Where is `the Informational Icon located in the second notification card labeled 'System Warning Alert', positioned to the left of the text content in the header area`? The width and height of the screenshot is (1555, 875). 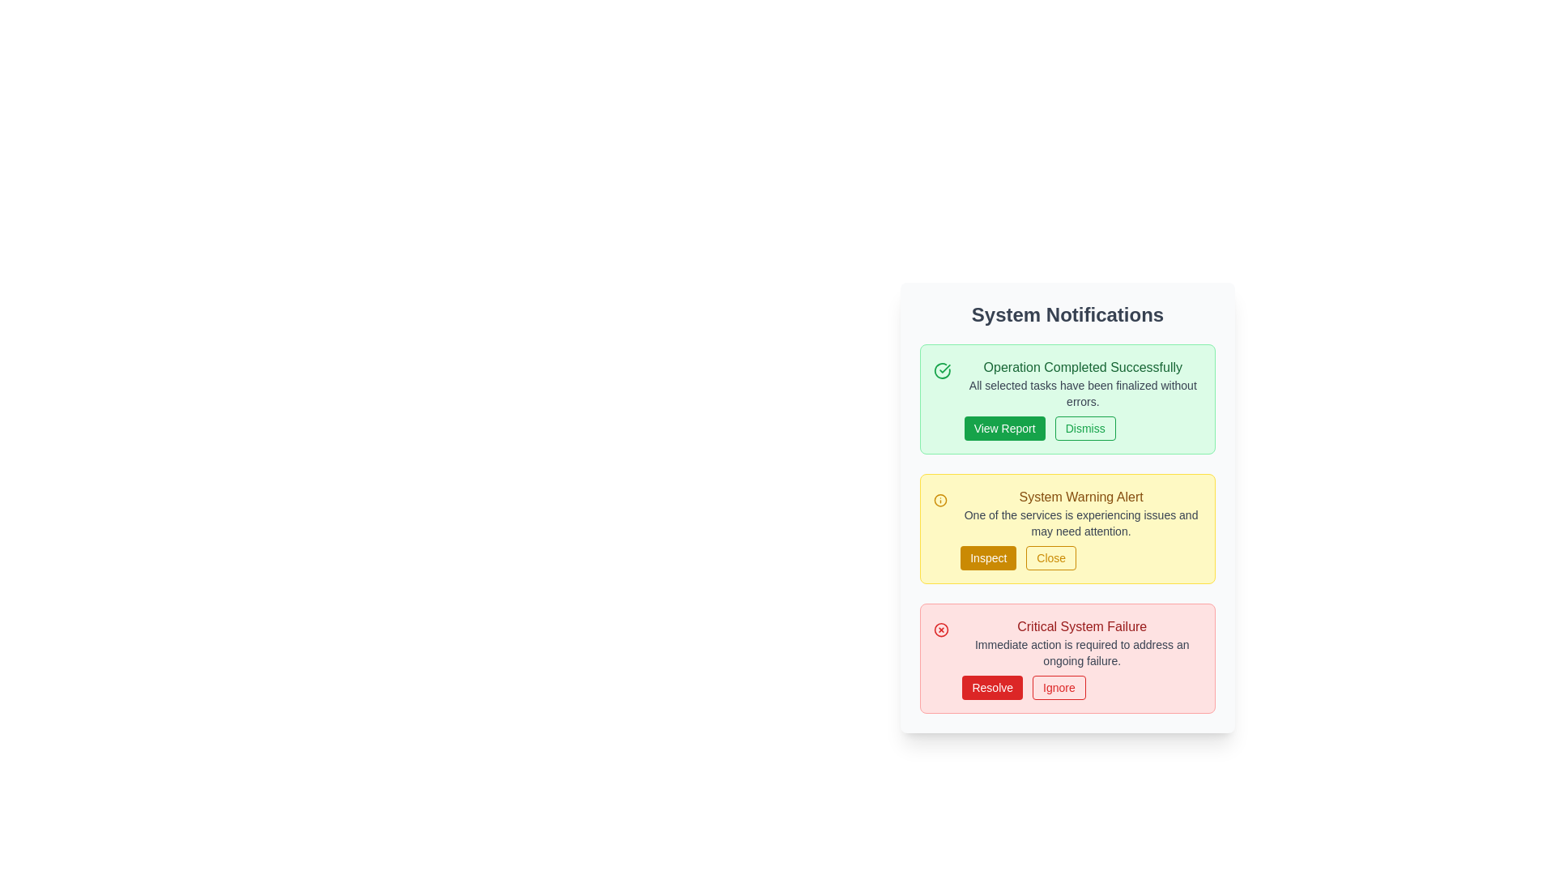 the Informational Icon located in the second notification card labeled 'System Warning Alert', positioned to the left of the text content in the header area is located at coordinates (940, 499).